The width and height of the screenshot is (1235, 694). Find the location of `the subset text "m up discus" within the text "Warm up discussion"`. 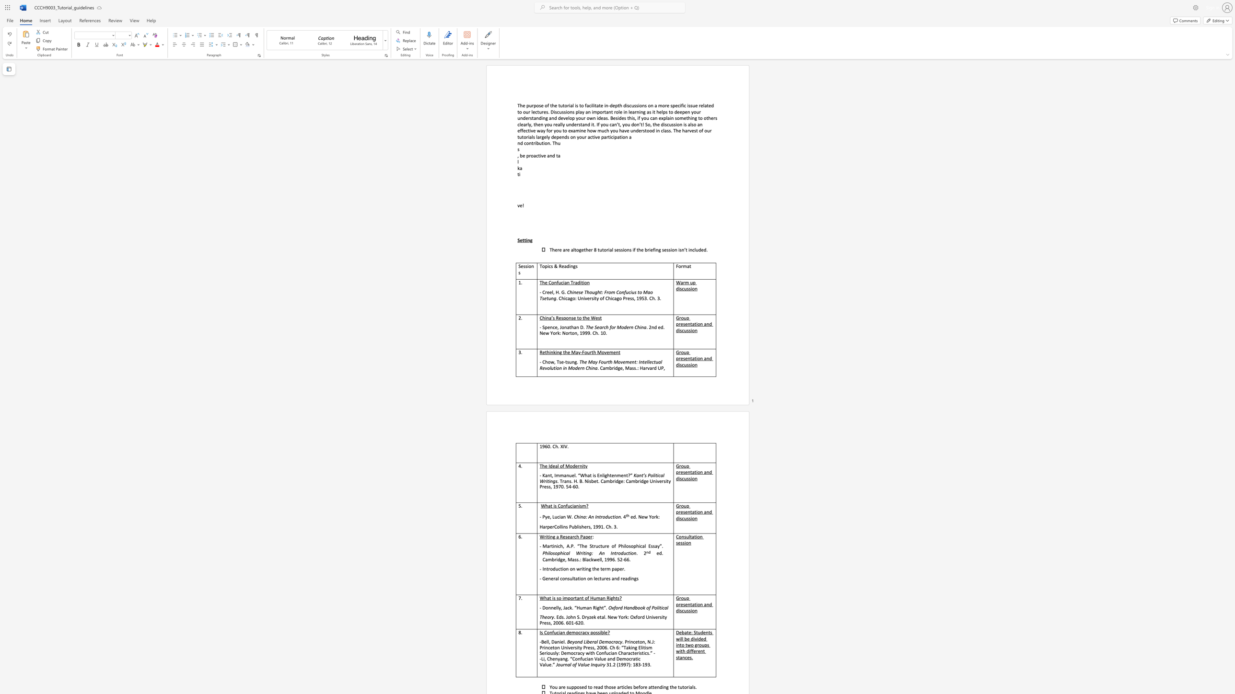

the subset text "m up discus" within the text "Warm up discussion" is located at coordinates (685, 282).